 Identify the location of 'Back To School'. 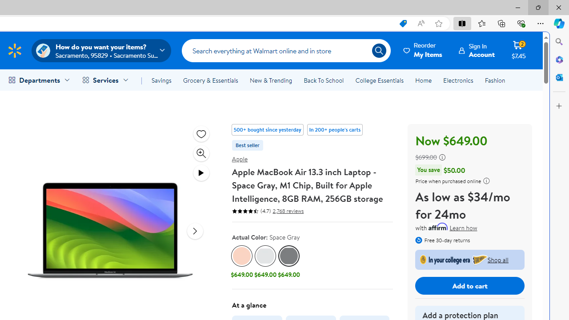
(323, 80).